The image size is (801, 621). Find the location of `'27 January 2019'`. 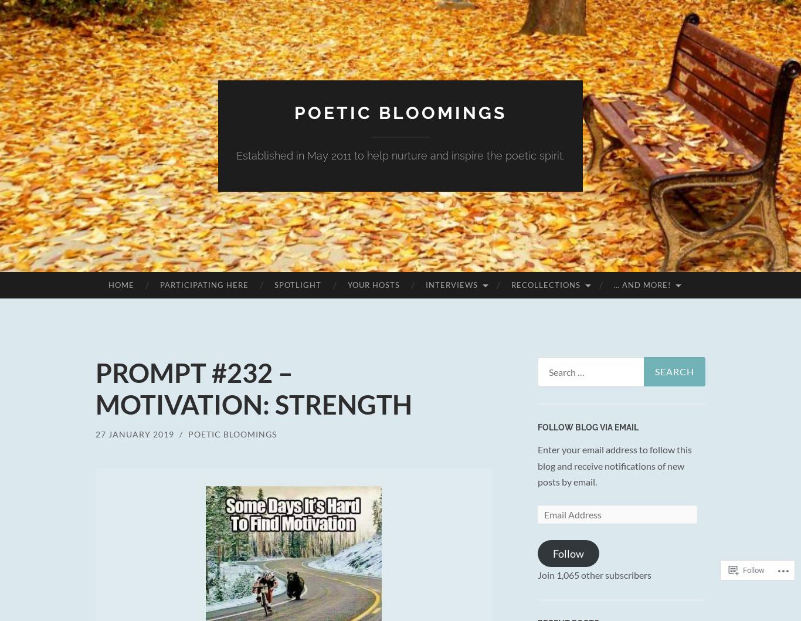

'27 January 2019' is located at coordinates (94, 434).